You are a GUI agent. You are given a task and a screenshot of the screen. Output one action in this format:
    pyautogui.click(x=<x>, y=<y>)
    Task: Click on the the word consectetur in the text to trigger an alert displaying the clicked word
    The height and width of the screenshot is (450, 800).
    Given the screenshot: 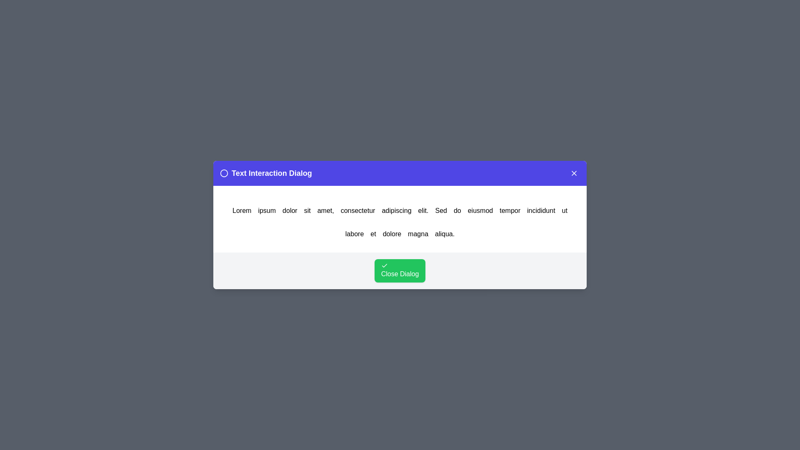 What is the action you would take?
    pyautogui.click(x=358, y=210)
    